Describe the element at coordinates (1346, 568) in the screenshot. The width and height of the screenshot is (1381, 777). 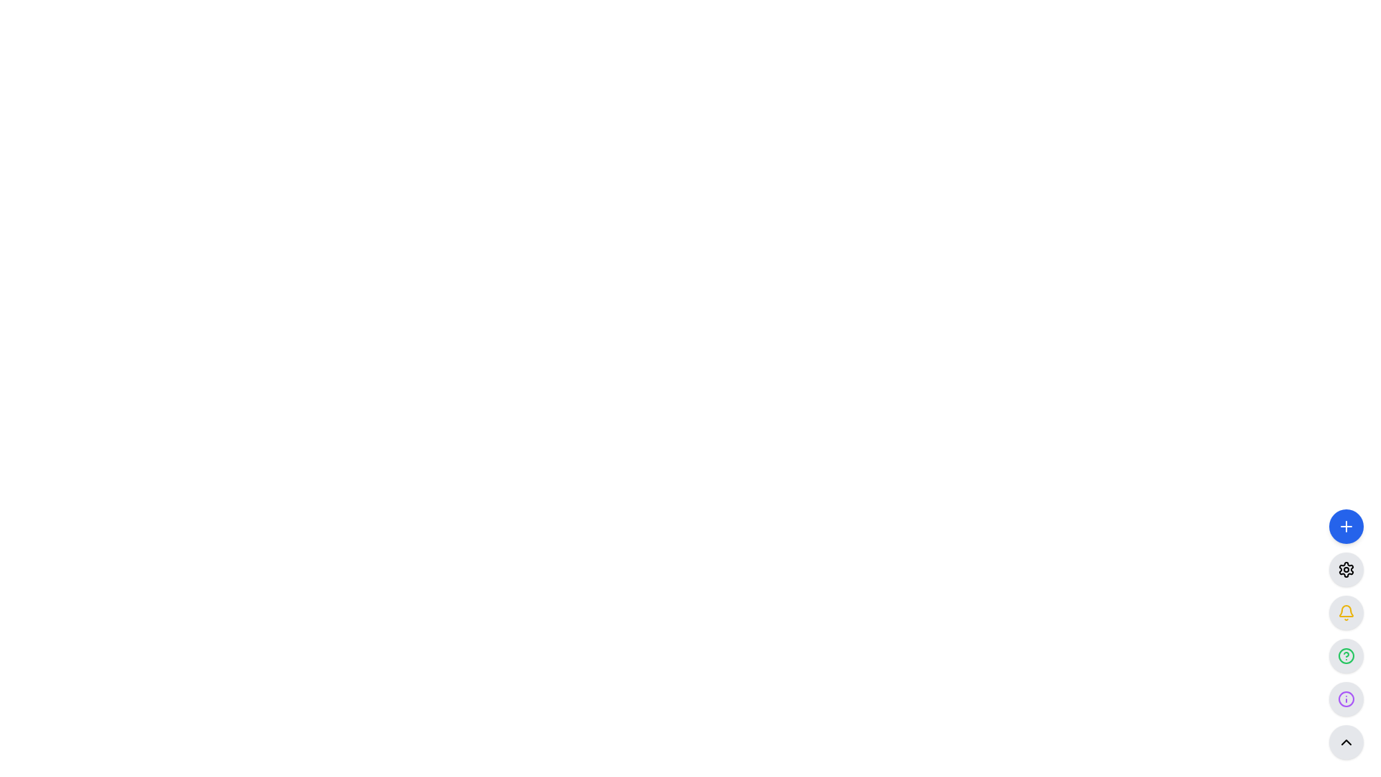
I see `the circular button with a black gear icon on a white background, located second from the top in the vertical stack of buttons on the right side of the interface` at that location.